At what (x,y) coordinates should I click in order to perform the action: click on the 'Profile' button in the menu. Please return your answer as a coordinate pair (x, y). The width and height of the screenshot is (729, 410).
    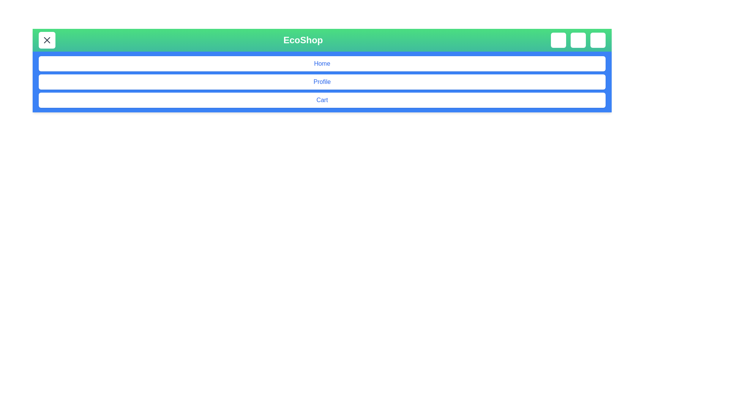
    Looking at the image, I should click on (322, 82).